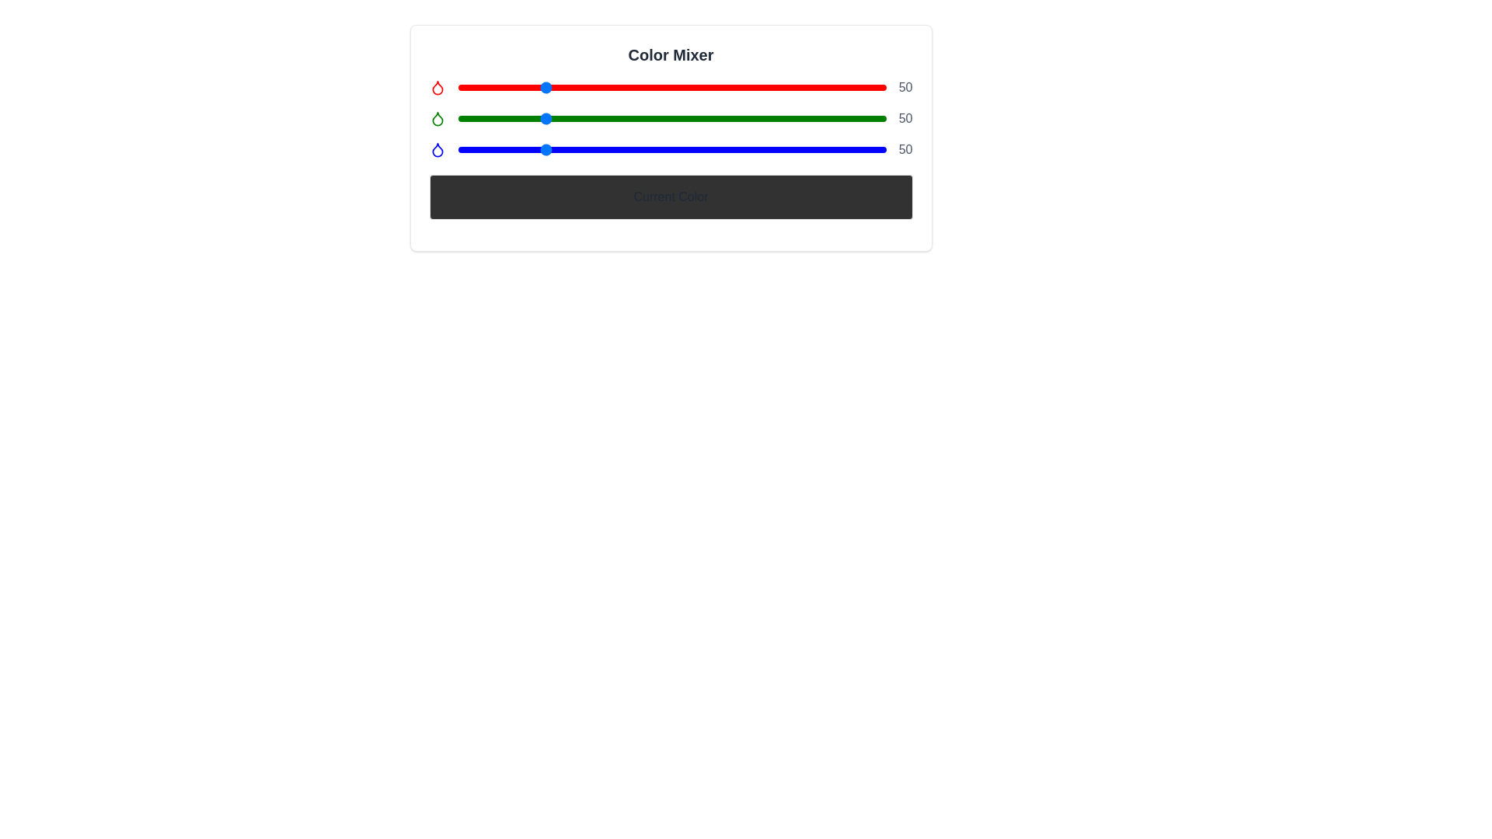 The height and width of the screenshot is (839, 1492). I want to click on the blue slider to set its value to 188, so click(773, 149).